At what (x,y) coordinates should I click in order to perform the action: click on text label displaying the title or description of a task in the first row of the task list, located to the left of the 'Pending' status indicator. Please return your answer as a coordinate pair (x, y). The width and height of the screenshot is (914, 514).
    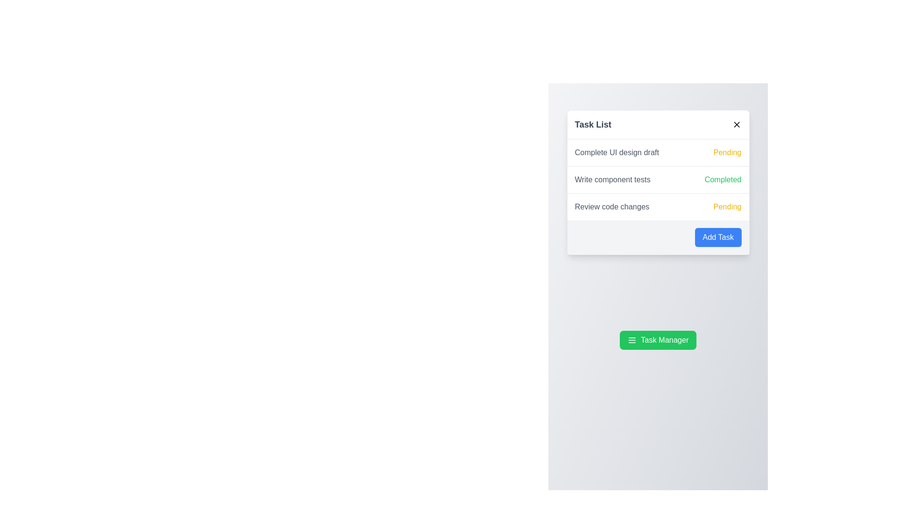
    Looking at the image, I should click on (617, 152).